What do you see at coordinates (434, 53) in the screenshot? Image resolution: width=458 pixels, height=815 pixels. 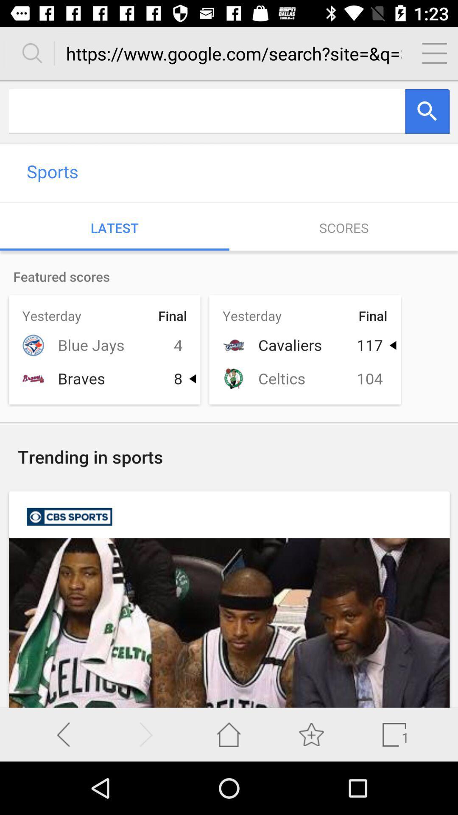 I see `click on menu bar` at bounding box center [434, 53].